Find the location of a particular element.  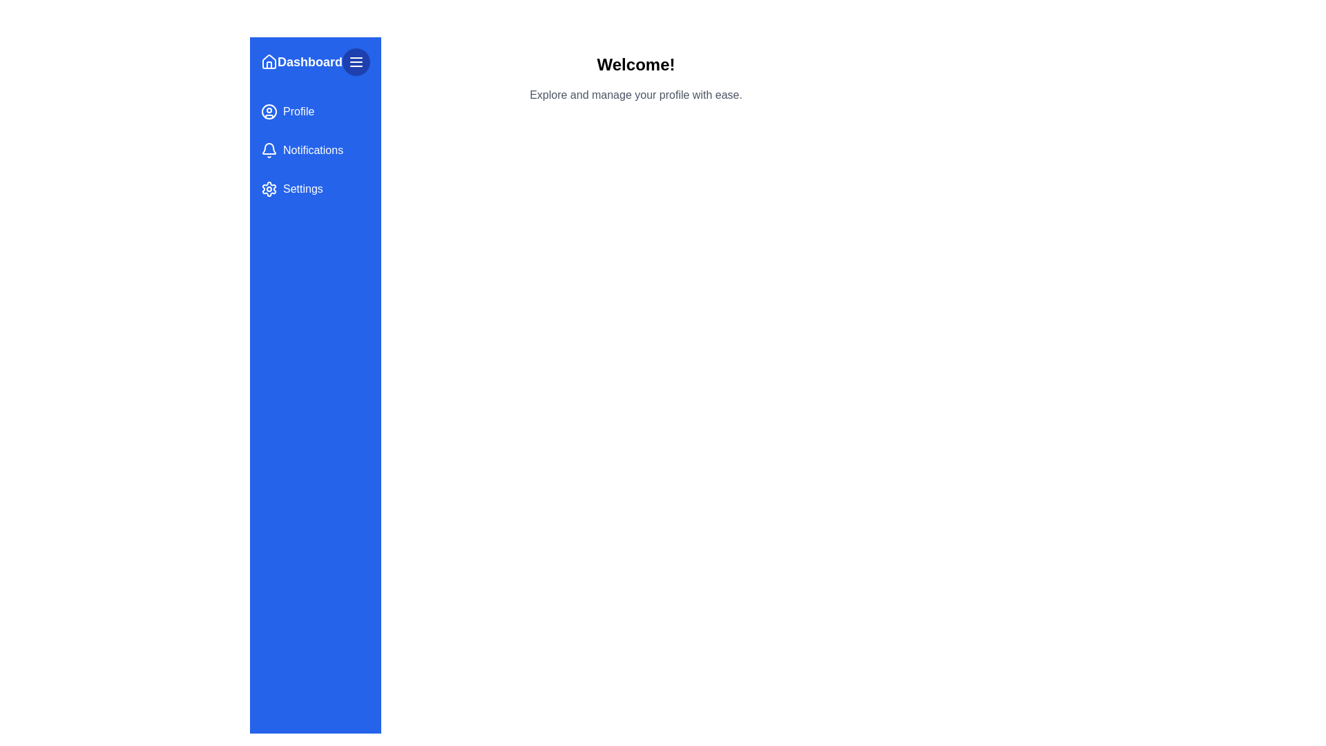

the house-shaped icon on the Dashboard element in the sidebar is located at coordinates (314, 61).